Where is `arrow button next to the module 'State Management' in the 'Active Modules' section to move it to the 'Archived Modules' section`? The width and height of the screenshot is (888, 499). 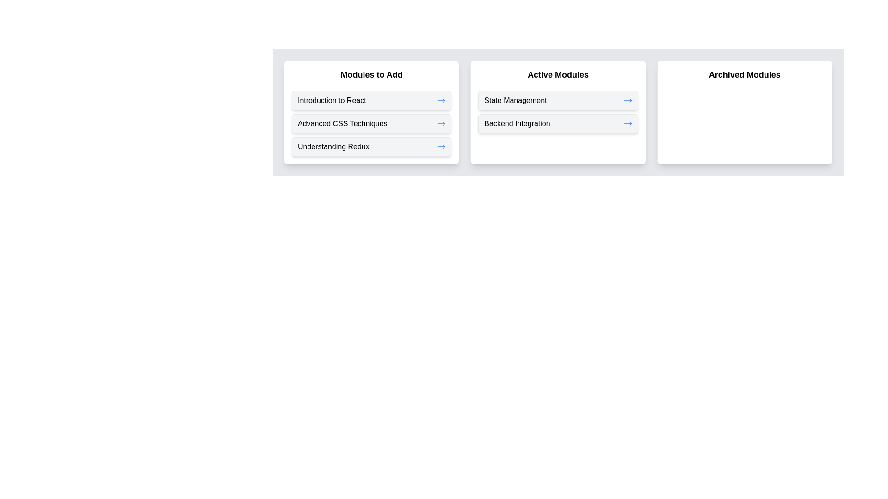
arrow button next to the module 'State Management' in the 'Active Modules' section to move it to the 'Archived Modules' section is located at coordinates (628, 101).